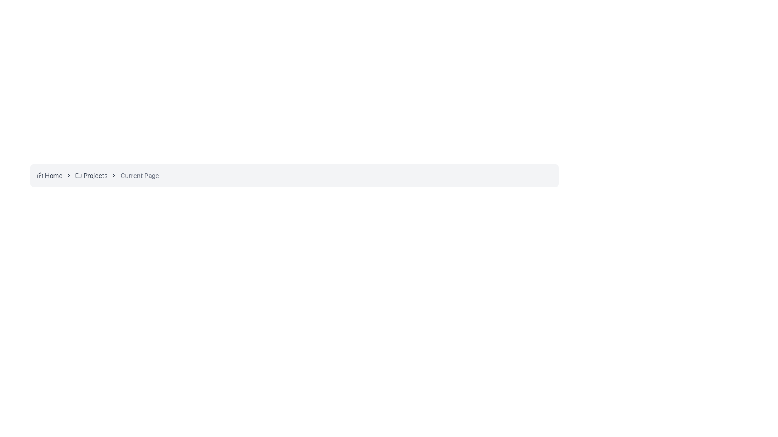 The width and height of the screenshot is (778, 437). Describe the element at coordinates (69, 175) in the screenshot. I see `the first right-facing chevron icon in the breadcrumb navigation bar, which is located between the 'Home' and 'Projects' text` at that location.